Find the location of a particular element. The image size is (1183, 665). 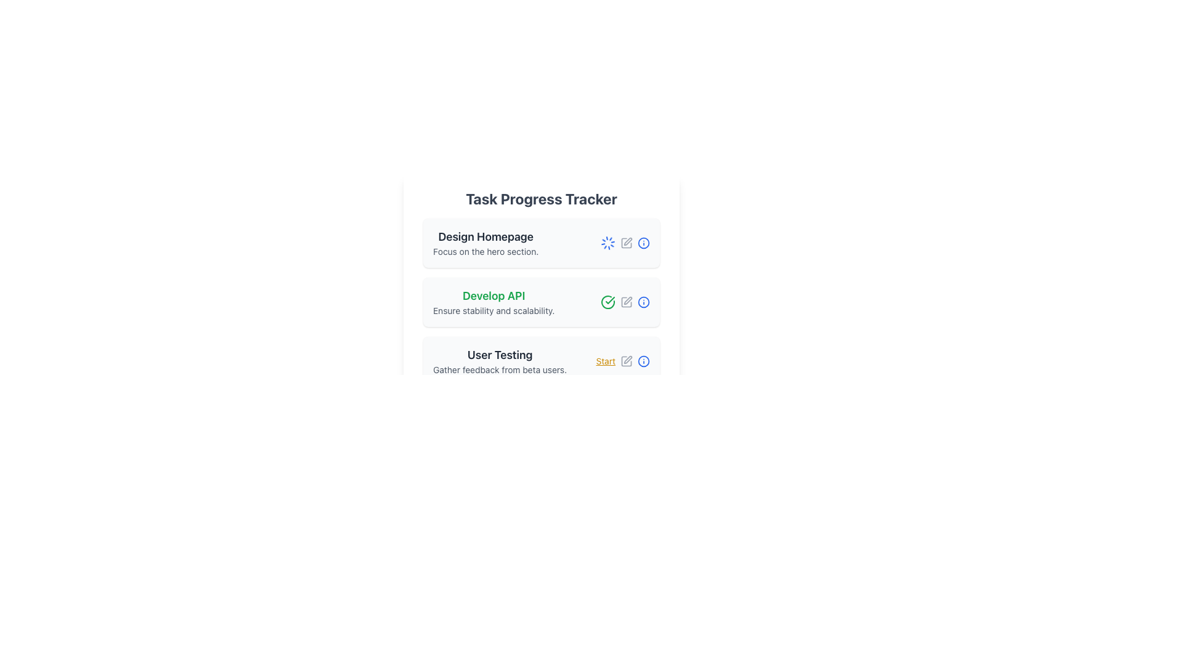

the static text block displaying the task name 'Develop API' and its description 'Ensure stability and scalability.' is located at coordinates (494, 302).